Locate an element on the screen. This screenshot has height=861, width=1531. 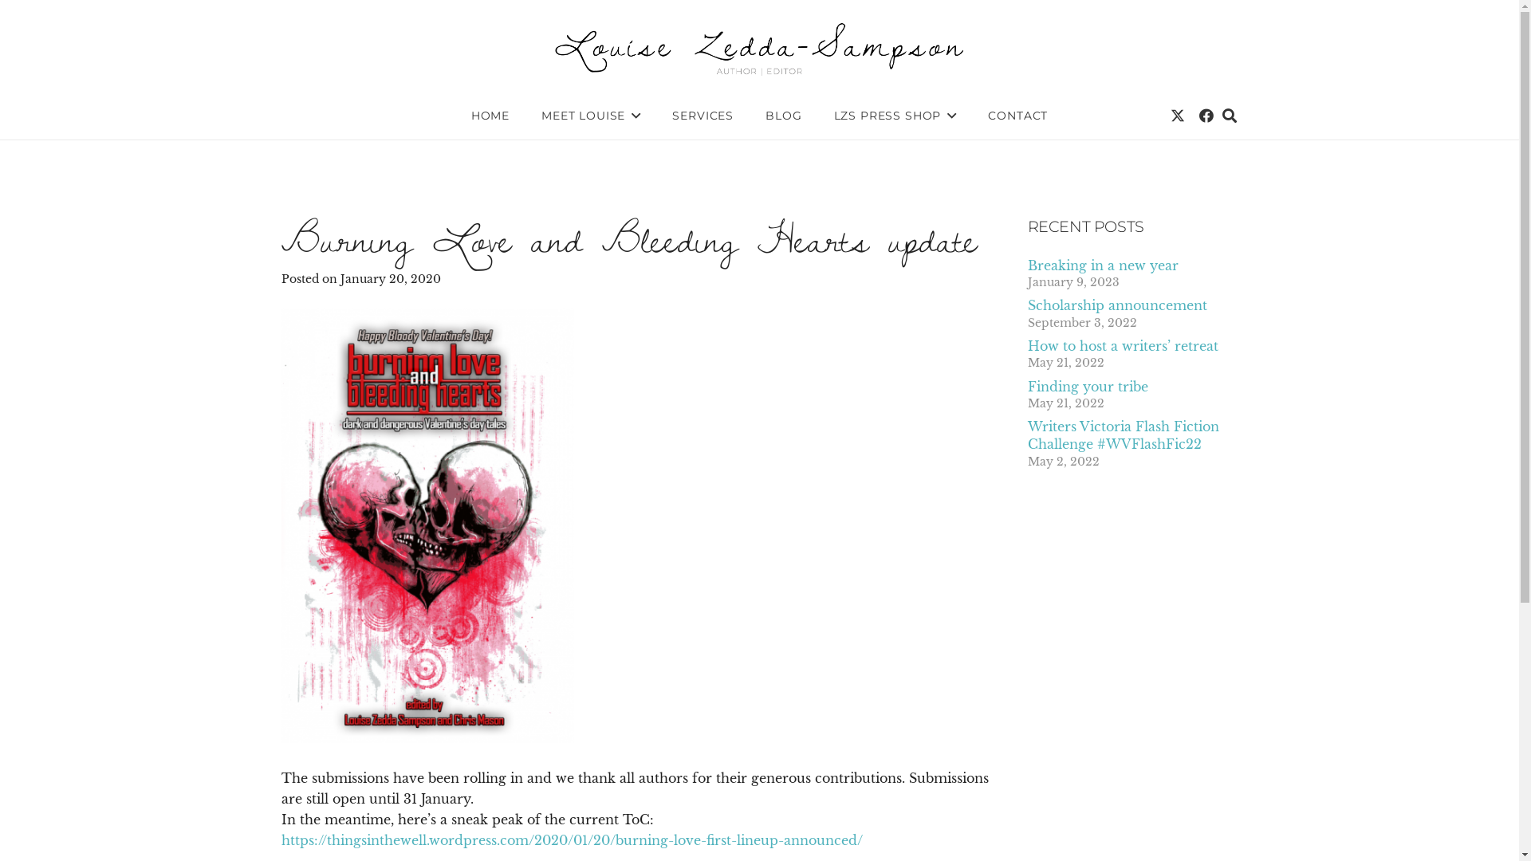
'LZS PRESS SHOP' is located at coordinates (895, 115).